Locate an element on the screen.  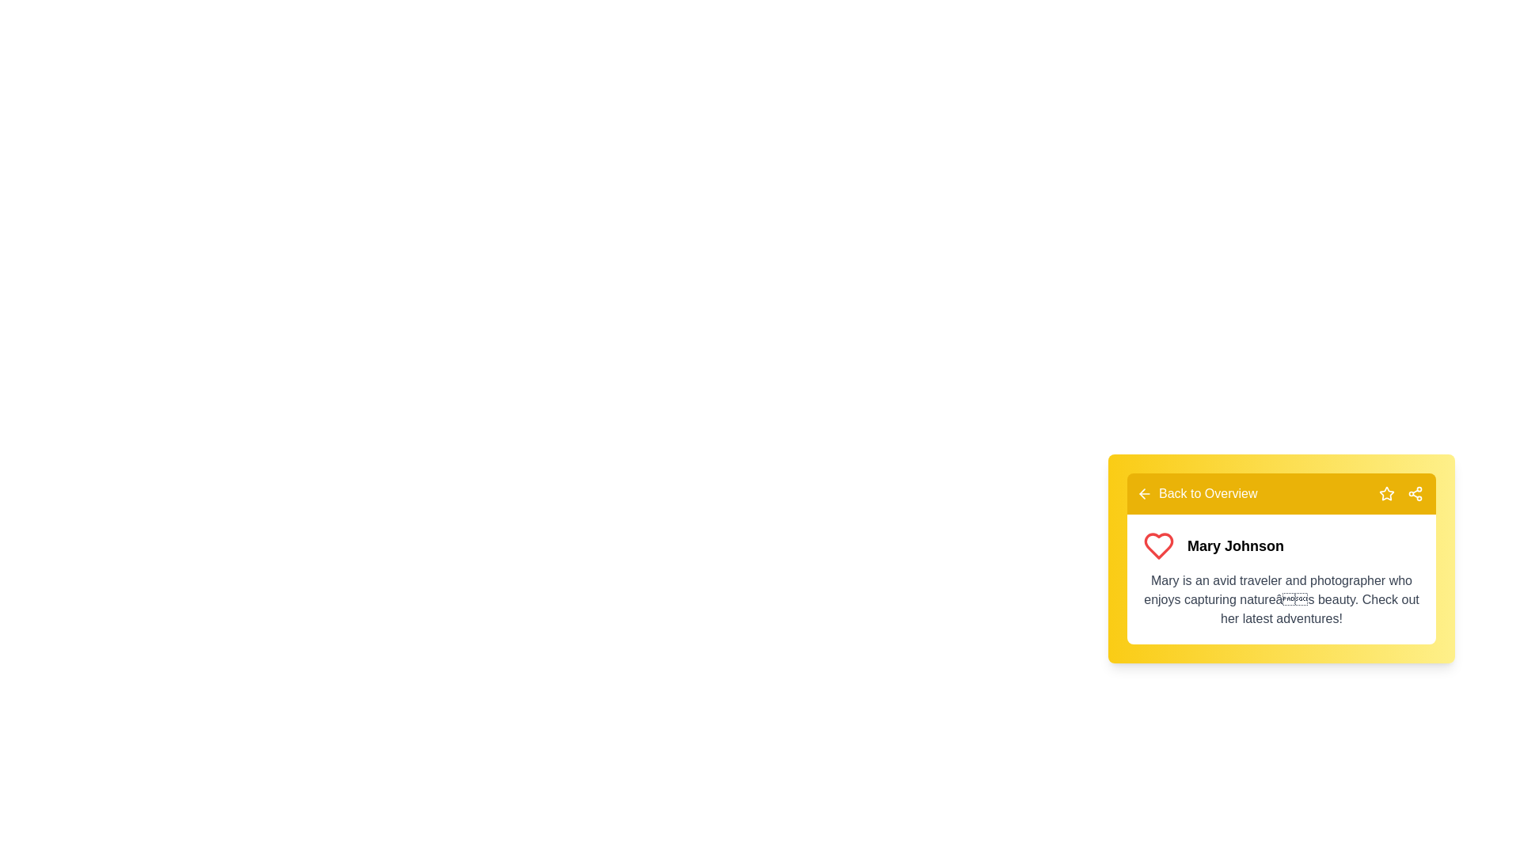
the heart-shaped icon styled in red, which is located to the left of the bold 'Mary Johnson' text is located at coordinates (1159, 545).